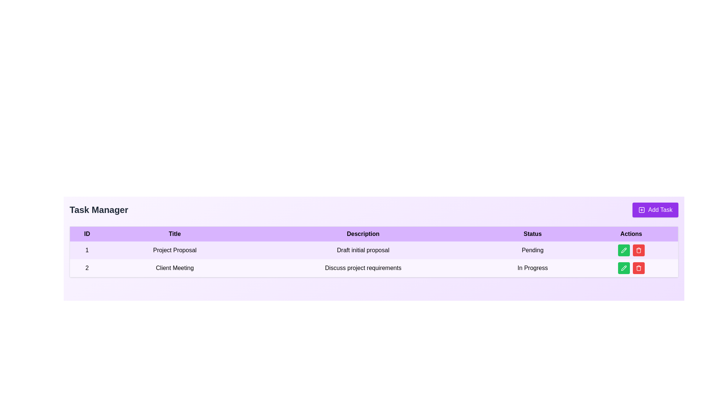 The width and height of the screenshot is (711, 400). What do you see at coordinates (631, 250) in the screenshot?
I see `the red delete button in the 'Actions' column of the first row, corresponding to the 'Project Proposal' task with 'Pending' status` at bounding box center [631, 250].